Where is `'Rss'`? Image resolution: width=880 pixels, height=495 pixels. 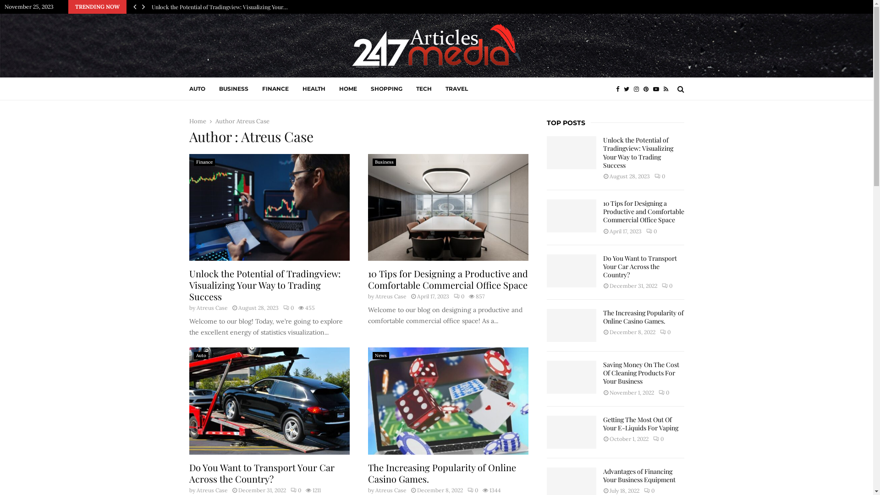
'Rss' is located at coordinates (668, 89).